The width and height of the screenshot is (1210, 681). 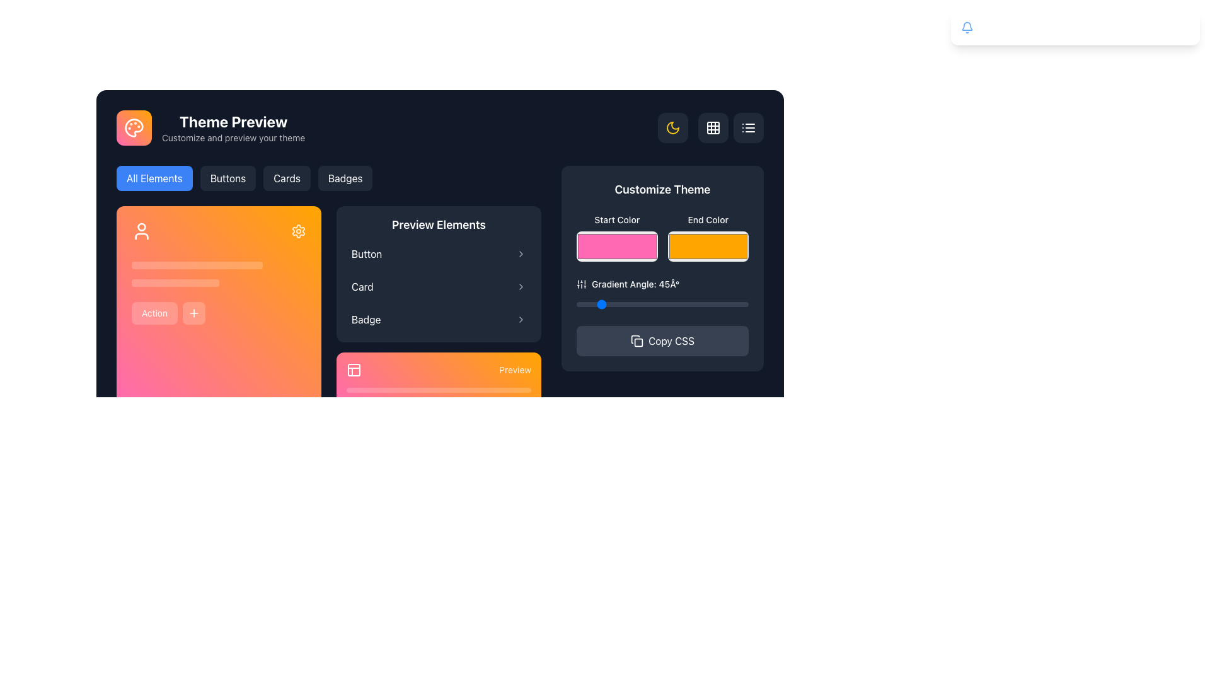 I want to click on the first button in the 'Preview Elements' section to interact with it and possibly reveal further details or settings related to 'Button' components, so click(x=439, y=253).